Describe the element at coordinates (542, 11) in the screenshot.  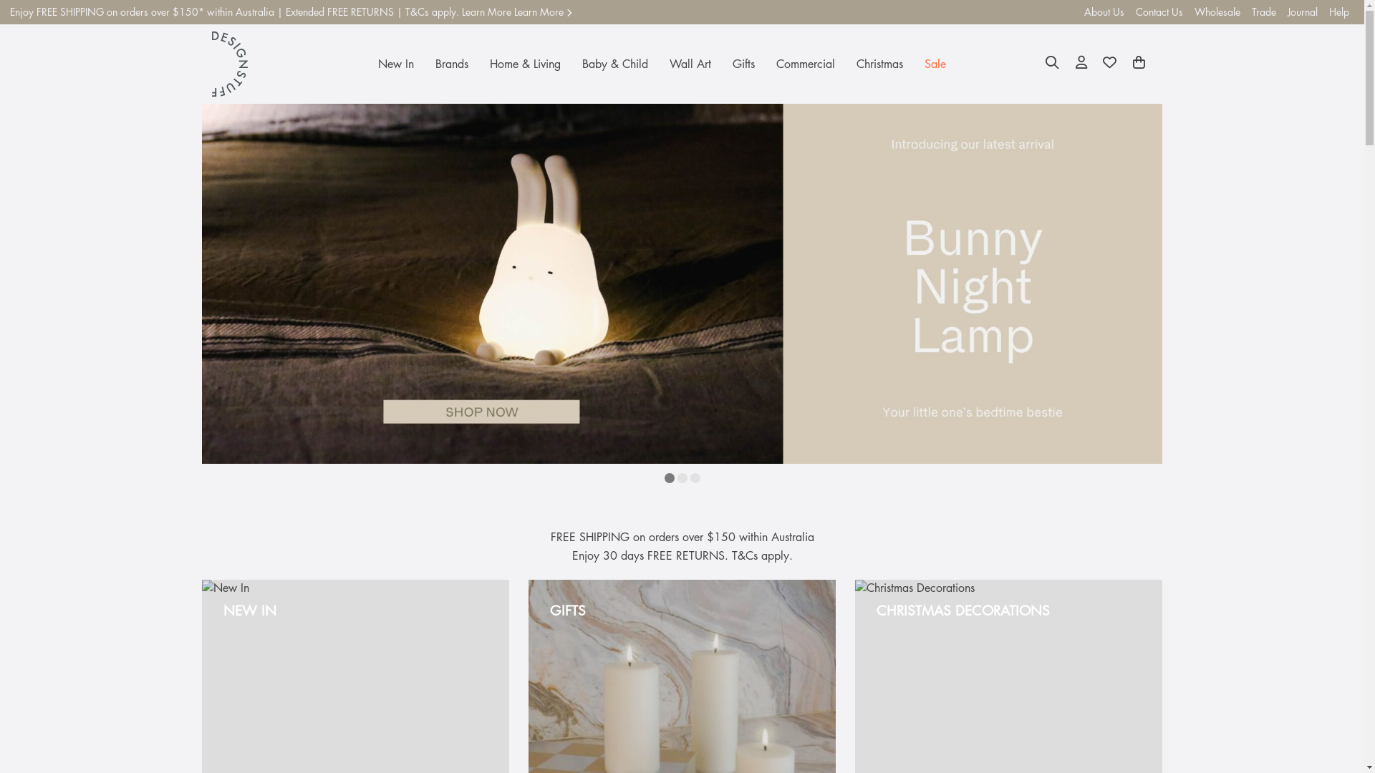
I see `'Learn More '` at that location.